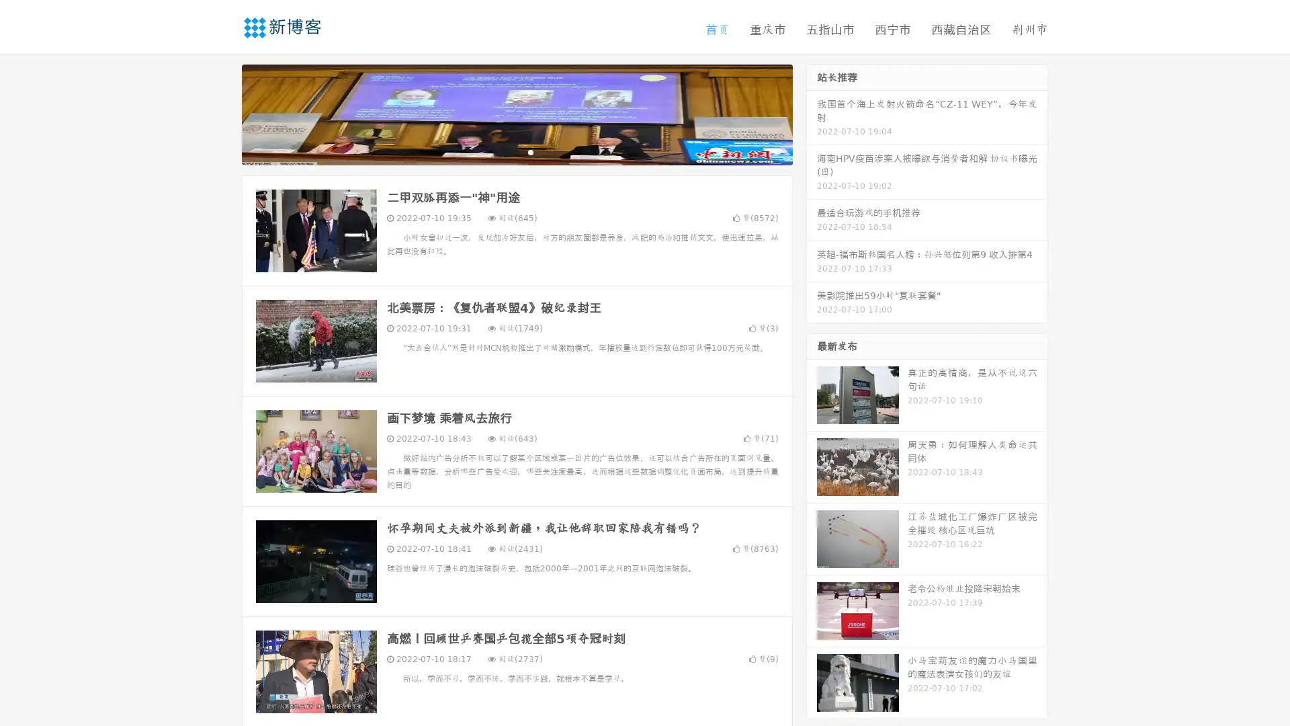  What do you see at coordinates (503, 151) in the screenshot?
I see `Go to slide 1` at bounding box center [503, 151].